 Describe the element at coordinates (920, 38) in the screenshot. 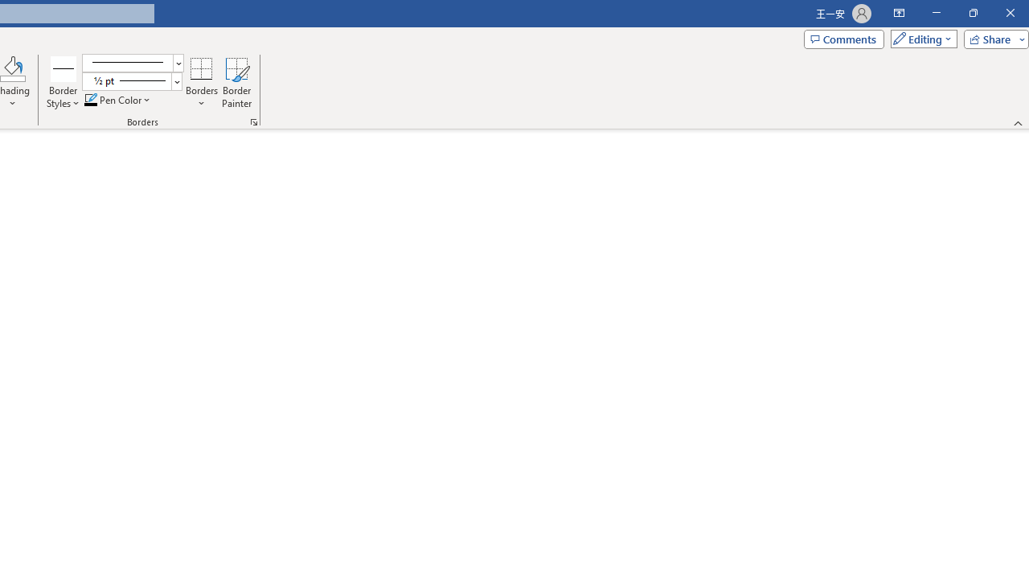

I see `'Editing'` at that location.